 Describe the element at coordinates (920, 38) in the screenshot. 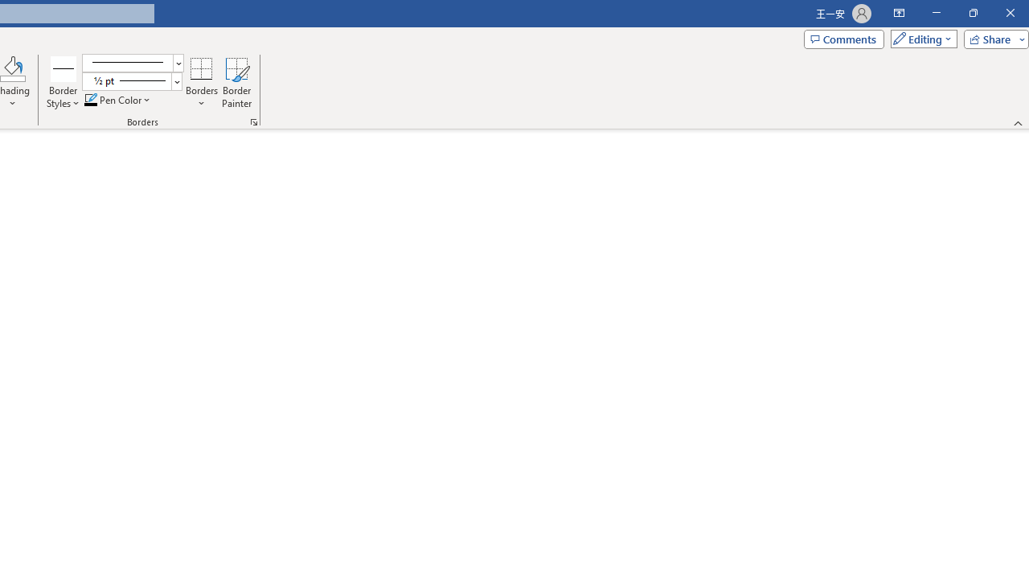

I see `'Editing'` at that location.